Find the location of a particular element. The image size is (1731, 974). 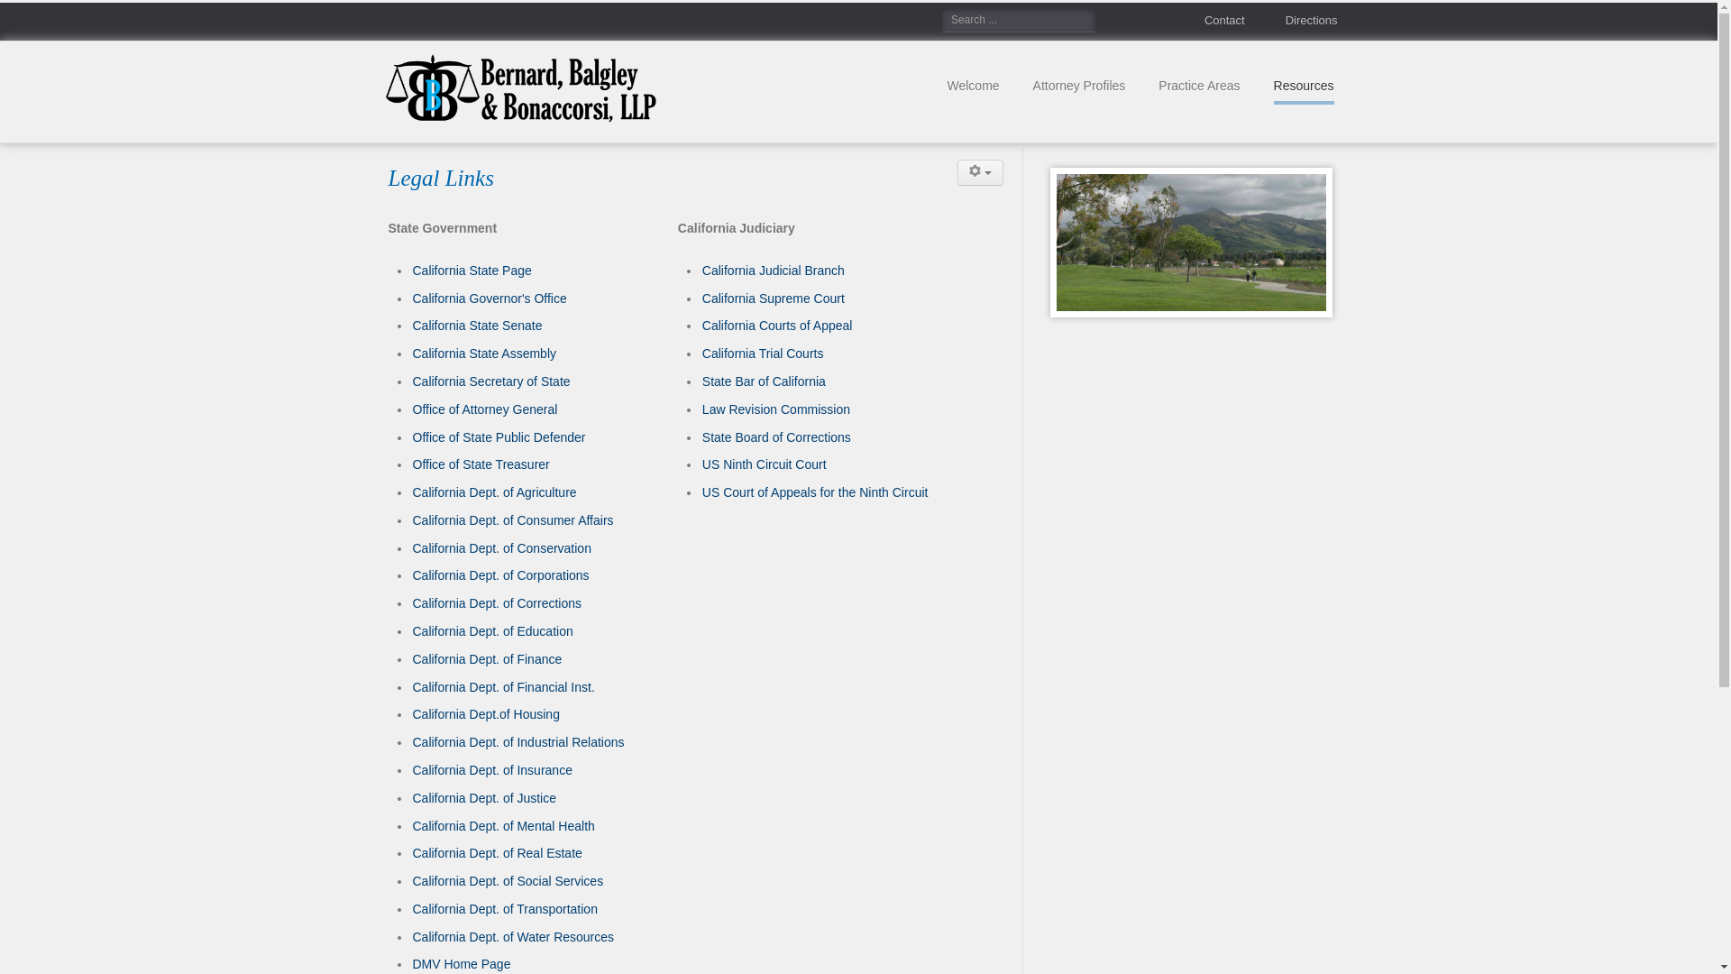

'California Dept. of Corporations' is located at coordinates (411, 574).